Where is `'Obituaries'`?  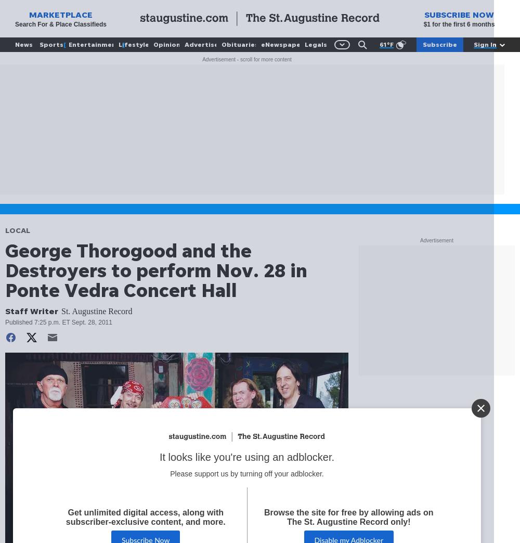 'Obituaries' is located at coordinates (239, 44).